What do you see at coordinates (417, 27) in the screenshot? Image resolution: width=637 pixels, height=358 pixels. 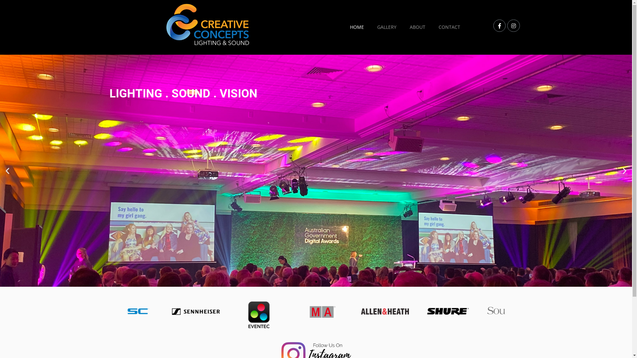 I see `'ABOUT'` at bounding box center [417, 27].